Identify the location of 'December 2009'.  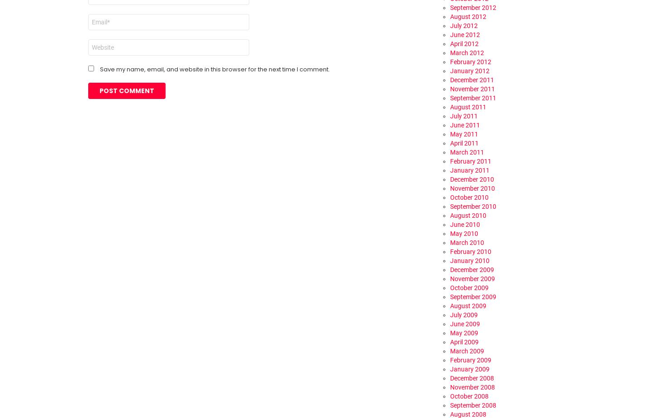
(450, 269).